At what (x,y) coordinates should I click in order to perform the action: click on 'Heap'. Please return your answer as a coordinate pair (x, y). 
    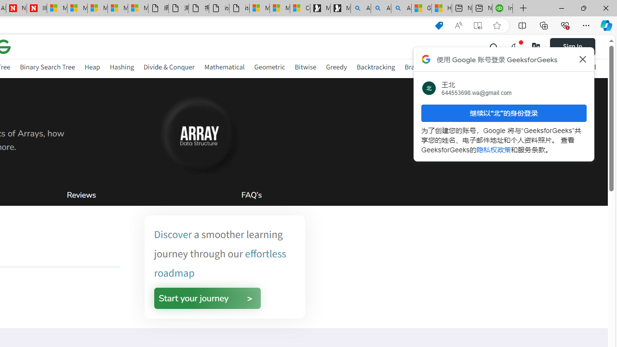
    Looking at the image, I should click on (92, 67).